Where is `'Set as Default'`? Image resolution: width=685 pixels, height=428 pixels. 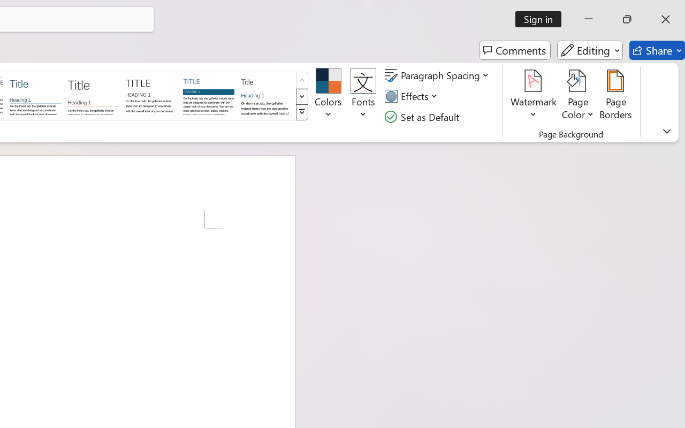 'Set as Default' is located at coordinates (423, 117).